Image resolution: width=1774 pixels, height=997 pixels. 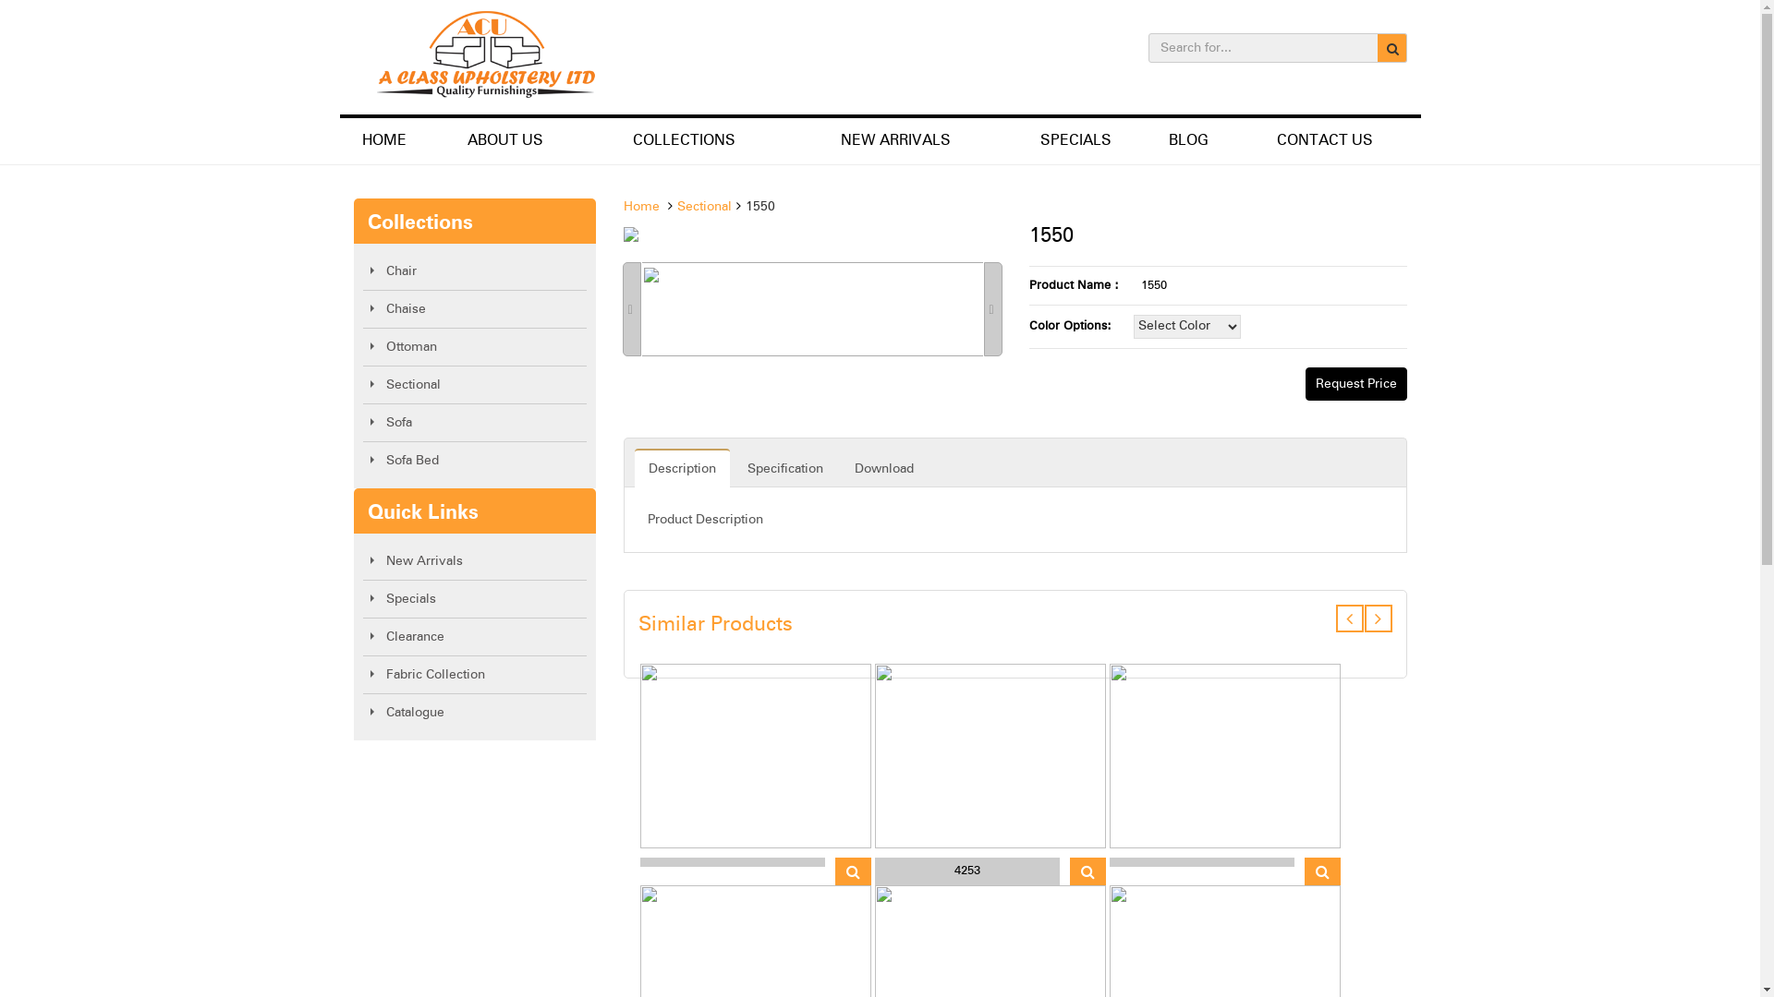 I want to click on 'Sectional', so click(x=703, y=206).